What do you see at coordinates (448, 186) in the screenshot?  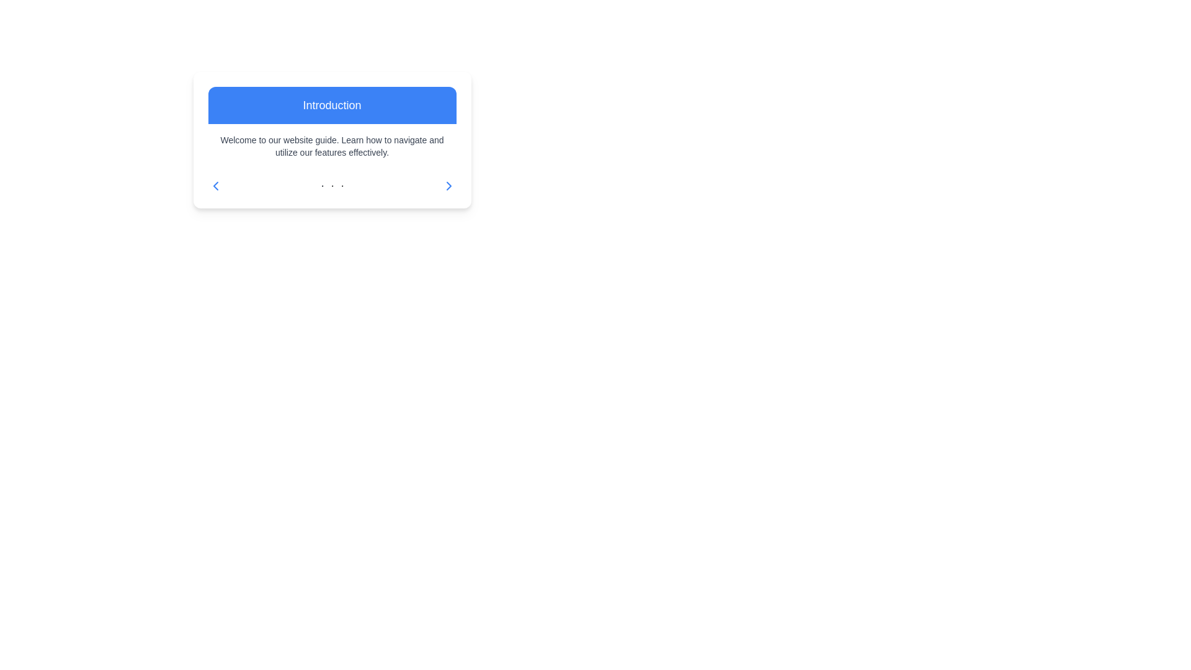 I see `the navigation control button located at the far right bottom of the card to proceed to the next page or section` at bounding box center [448, 186].